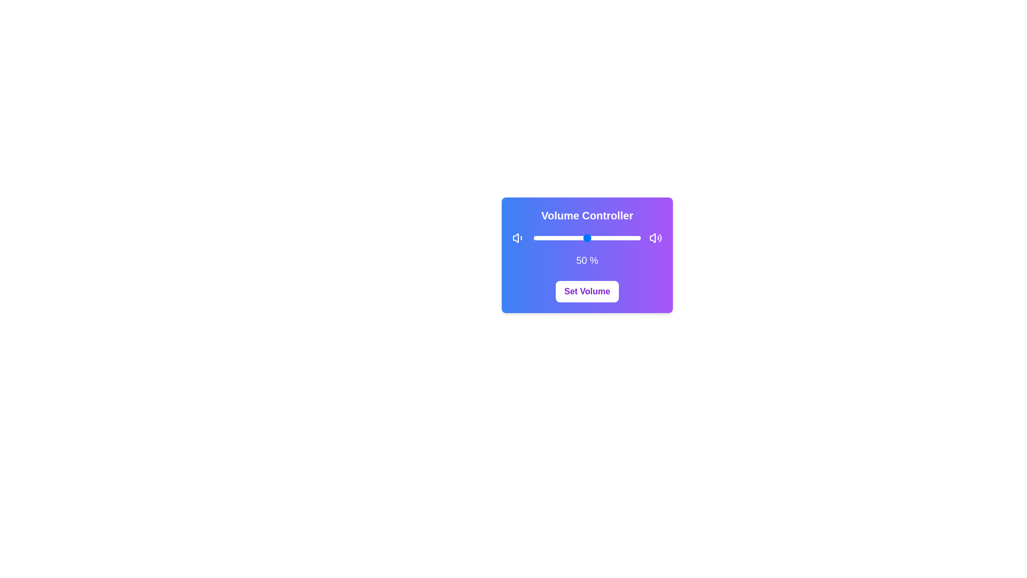 The image size is (1027, 578). What do you see at coordinates (613, 237) in the screenshot?
I see `the slider to set the volume to 74%` at bounding box center [613, 237].